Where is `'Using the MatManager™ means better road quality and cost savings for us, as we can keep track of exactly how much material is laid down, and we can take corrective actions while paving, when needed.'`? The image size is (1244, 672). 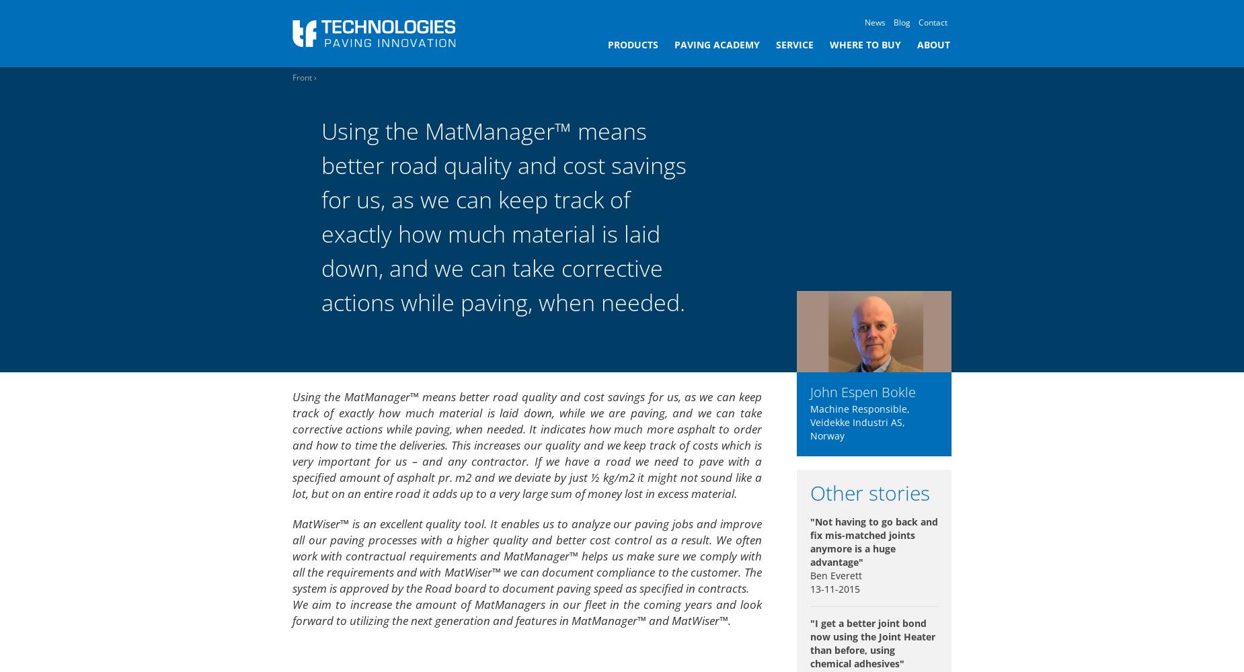
'Using the MatManager™ means better road quality and cost savings for us, as we can keep track of exactly how much material is laid down, and we can take corrective actions while paving, when needed.' is located at coordinates (503, 216).